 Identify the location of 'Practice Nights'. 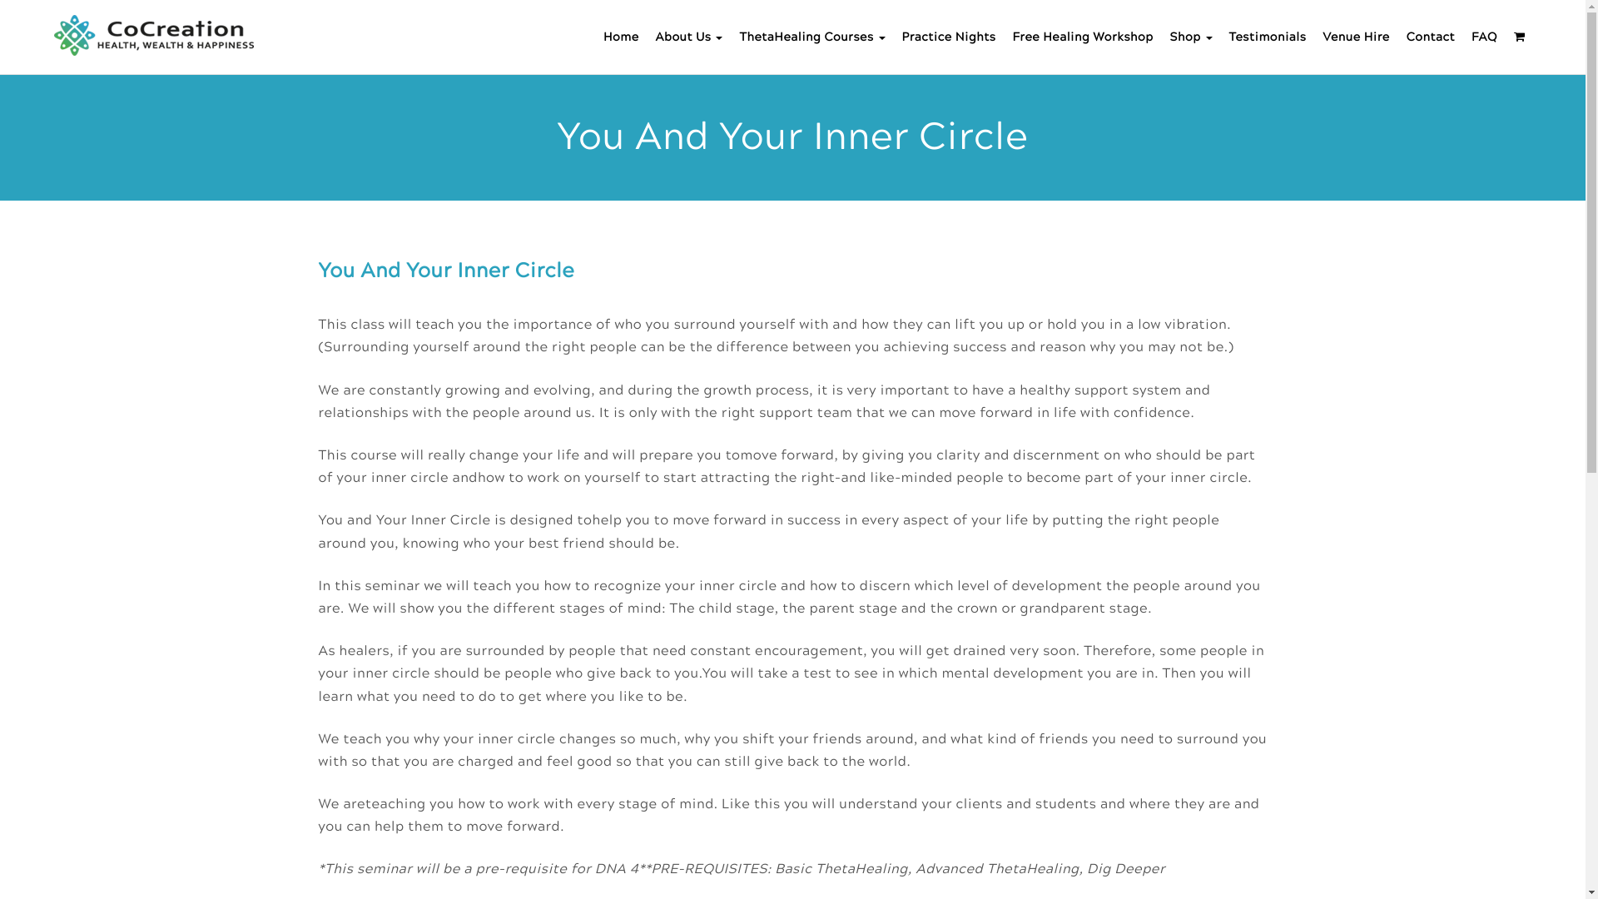
(949, 35).